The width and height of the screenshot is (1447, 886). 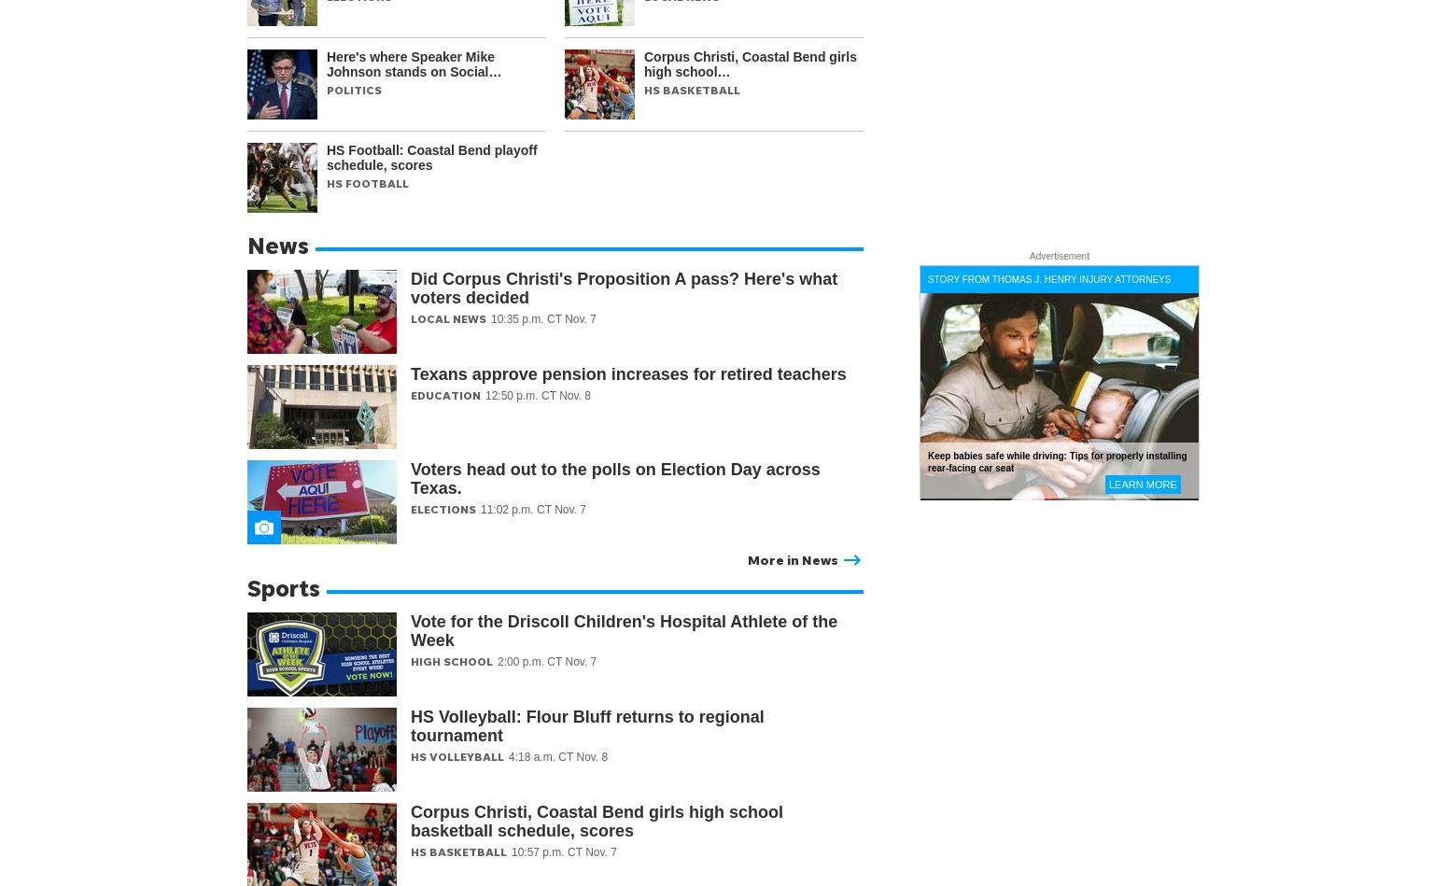 What do you see at coordinates (792, 558) in the screenshot?
I see `'More in News'` at bounding box center [792, 558].